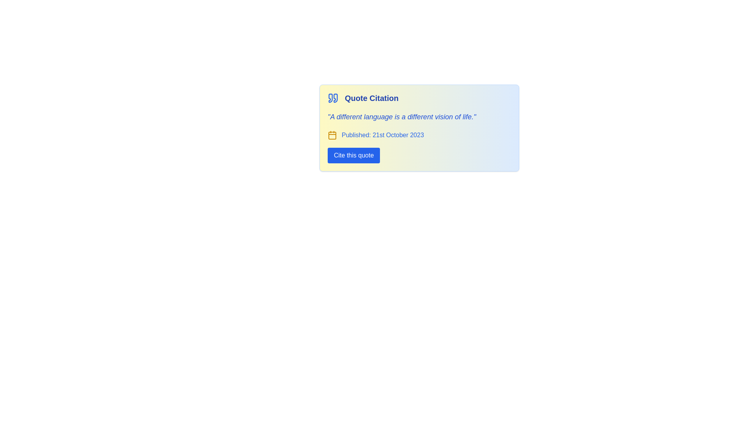 The height and width of the screenshot is (421, 749). Describe the element at coordinates (371, 97) in the screenshot. I see `the Text label that serves as a heading or title located in the top section of a card-like layout, positioned to the right of a decorative quote icon` at that location.